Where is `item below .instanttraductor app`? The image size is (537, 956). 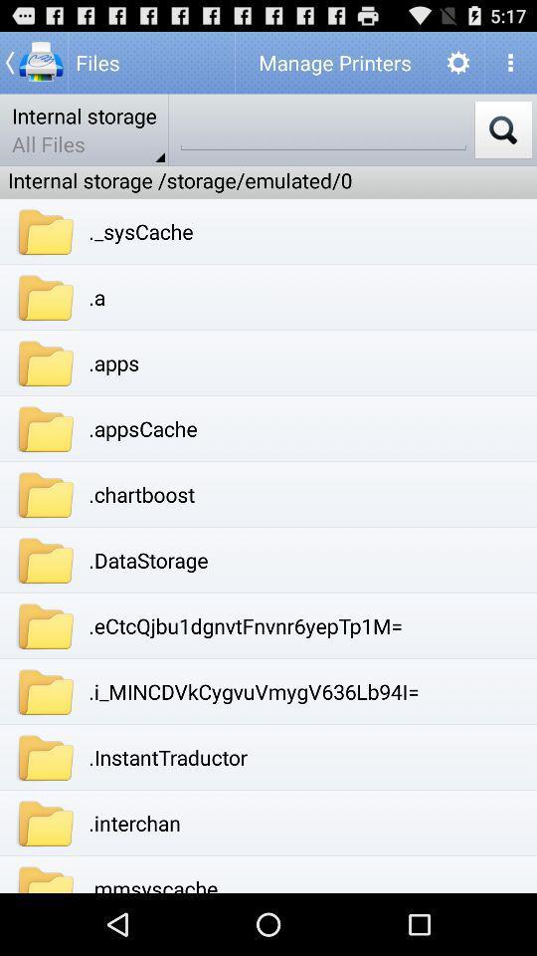 item below .instanttraductor app is located at coordinates (134, 823).